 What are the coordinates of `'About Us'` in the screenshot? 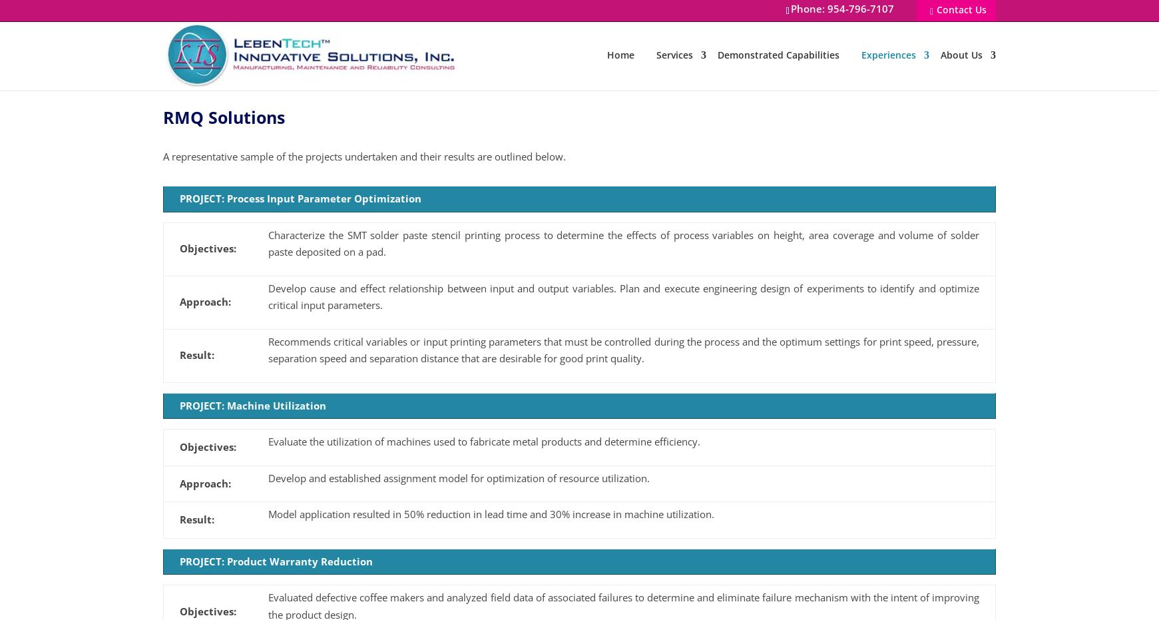 It's located at (961, 55).